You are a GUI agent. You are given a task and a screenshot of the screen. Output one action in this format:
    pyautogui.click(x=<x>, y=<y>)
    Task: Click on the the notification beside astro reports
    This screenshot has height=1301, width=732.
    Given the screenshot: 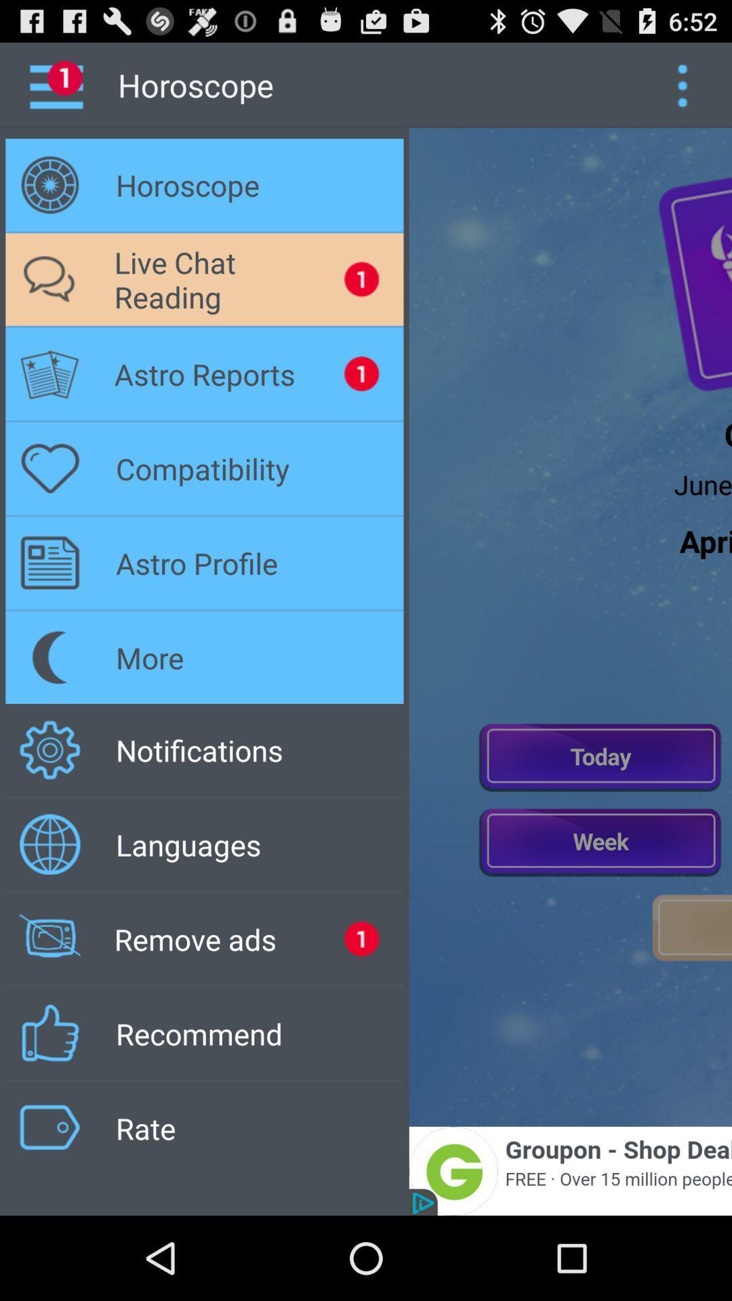 What is the action you would take?
    pyautogui.click(x=361, y=374)
    